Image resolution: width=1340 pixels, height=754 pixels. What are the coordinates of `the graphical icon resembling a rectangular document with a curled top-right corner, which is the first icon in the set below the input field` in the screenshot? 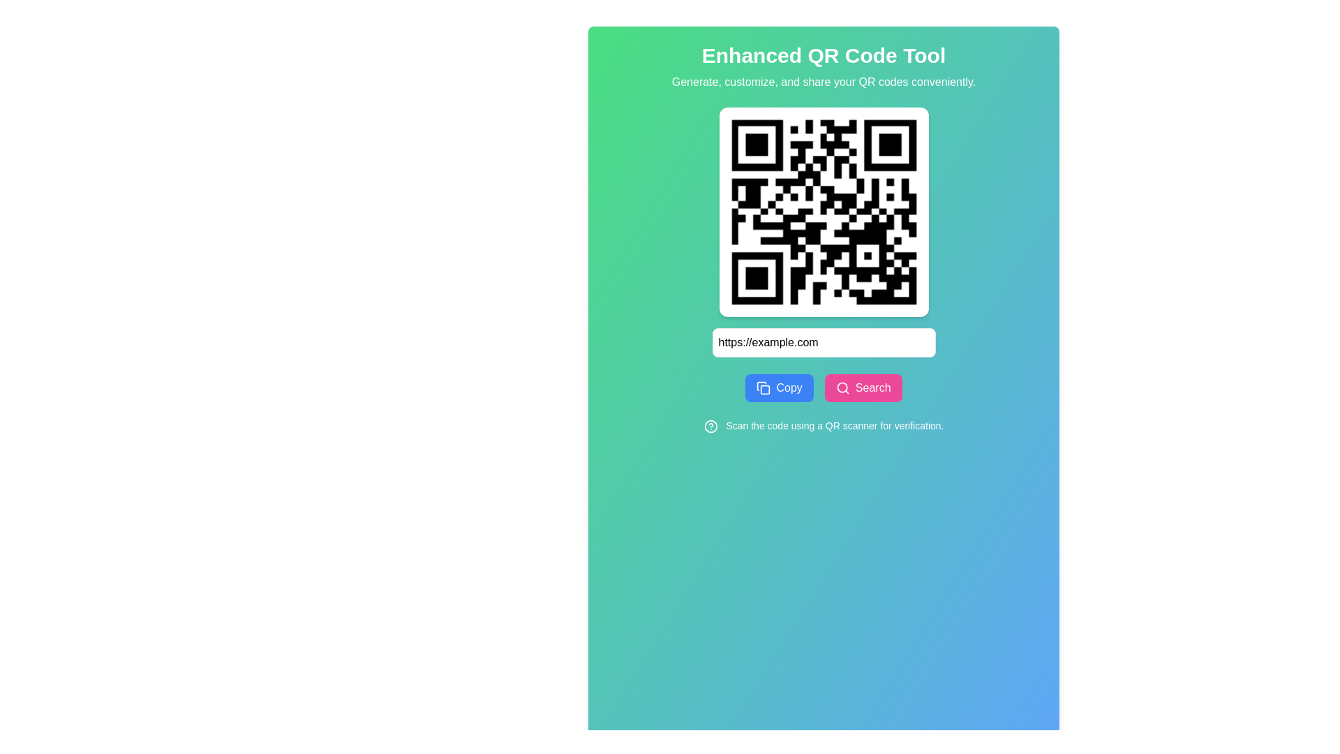 It's located at (761, 386).